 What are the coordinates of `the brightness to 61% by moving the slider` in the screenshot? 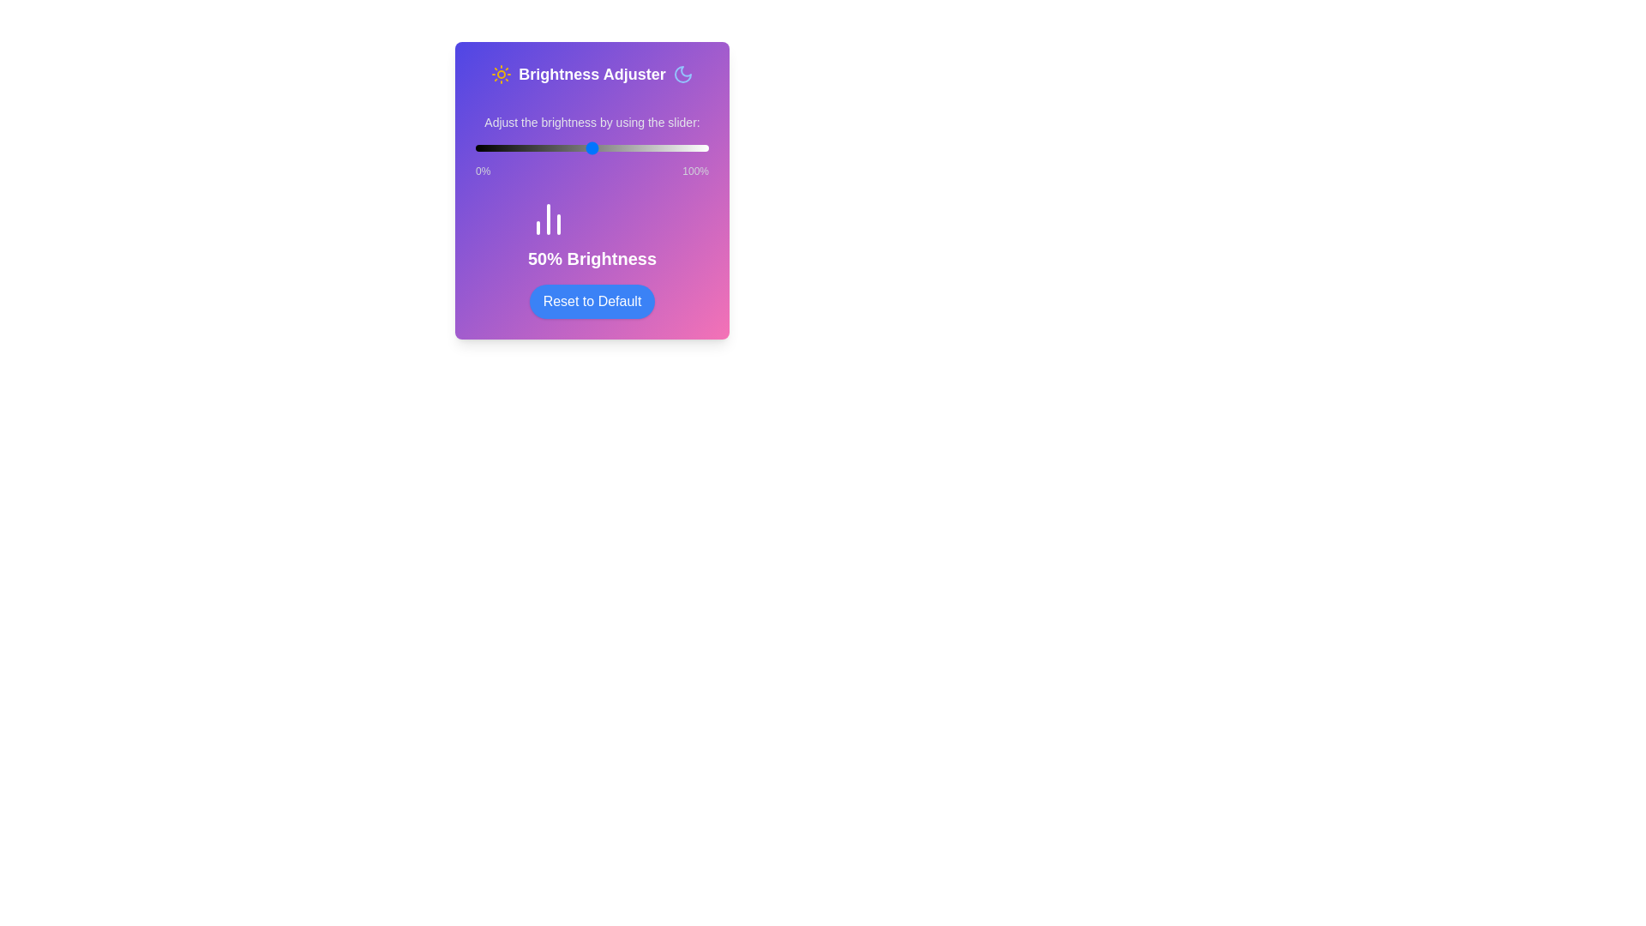 It's located at (617, 147).